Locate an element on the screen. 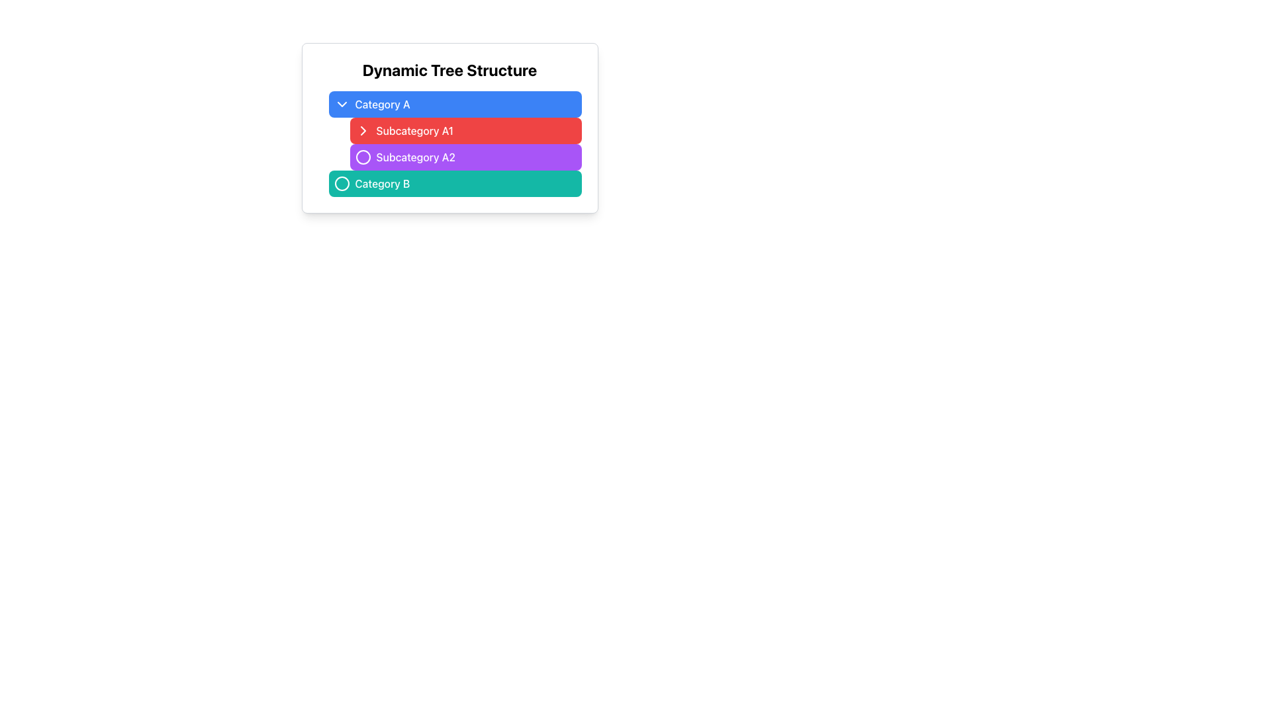 Image resolution: width=1271 pixels, height=714 pixels. the blue button labeled 'Category A' which contains the text label 'Category A' for interaction is located at coordinates (382, 104).